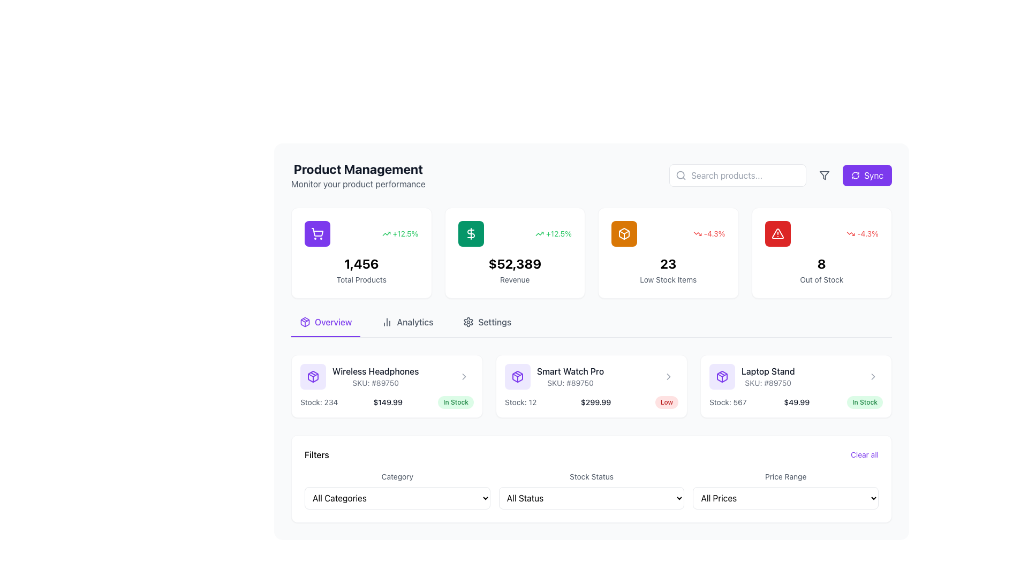 This screenshot has height=578, width=1028. Describe the element at coordinates (668, 233) in the screenshot. I see `the text displaying '-4.3%' in red, which is accompanied by a downward trend arrow, located in the upper section of the 'Low Stock Items' card on the dashboard` at that location.